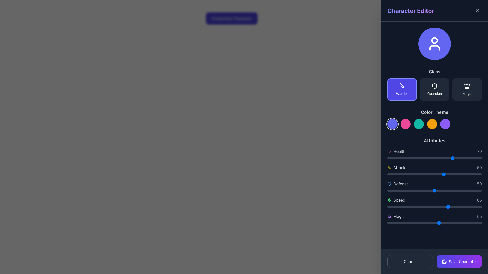 The image size is (488, 274). Describe the element at coordinates (434, 72) in the screenshot. I see `the 'Class' label text in the Character Editor sidebar, which is styled in large, bold gray font on a dark background and is positioned above the buttons labeled 'Warrior', 'Guardian', and 'Mage'` at that location.